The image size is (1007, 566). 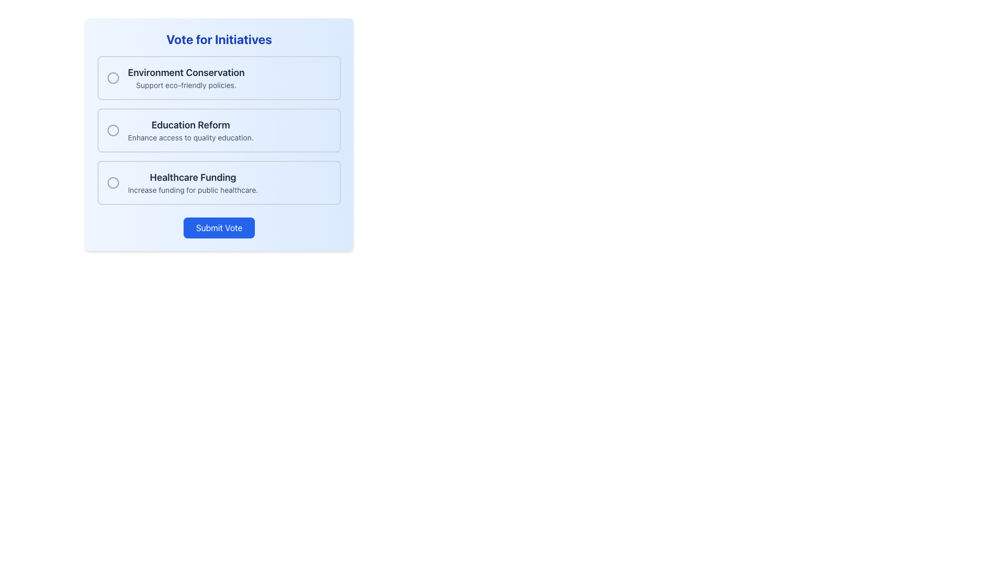 I want to click on the clickable option label for 'Education Reform', so click(x=190, y=130).